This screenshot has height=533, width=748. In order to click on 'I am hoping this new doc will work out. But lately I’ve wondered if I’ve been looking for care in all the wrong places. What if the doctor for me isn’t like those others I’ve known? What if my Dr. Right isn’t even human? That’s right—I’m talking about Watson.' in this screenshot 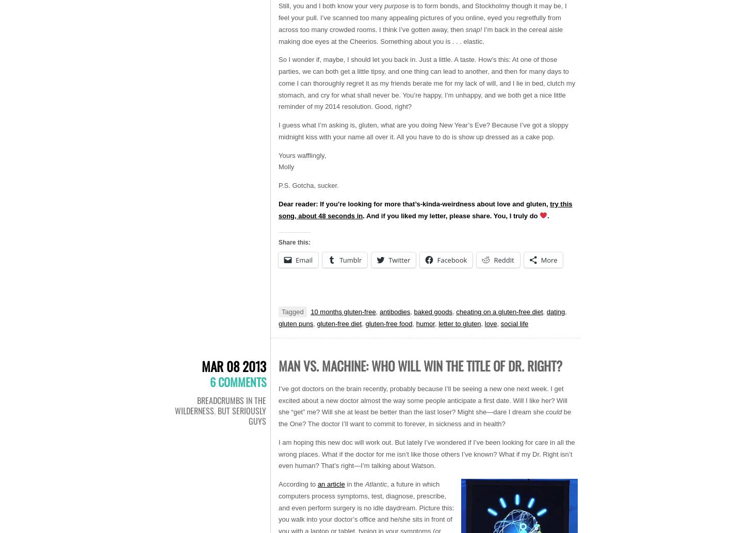, I will do `click(426, 453)`.